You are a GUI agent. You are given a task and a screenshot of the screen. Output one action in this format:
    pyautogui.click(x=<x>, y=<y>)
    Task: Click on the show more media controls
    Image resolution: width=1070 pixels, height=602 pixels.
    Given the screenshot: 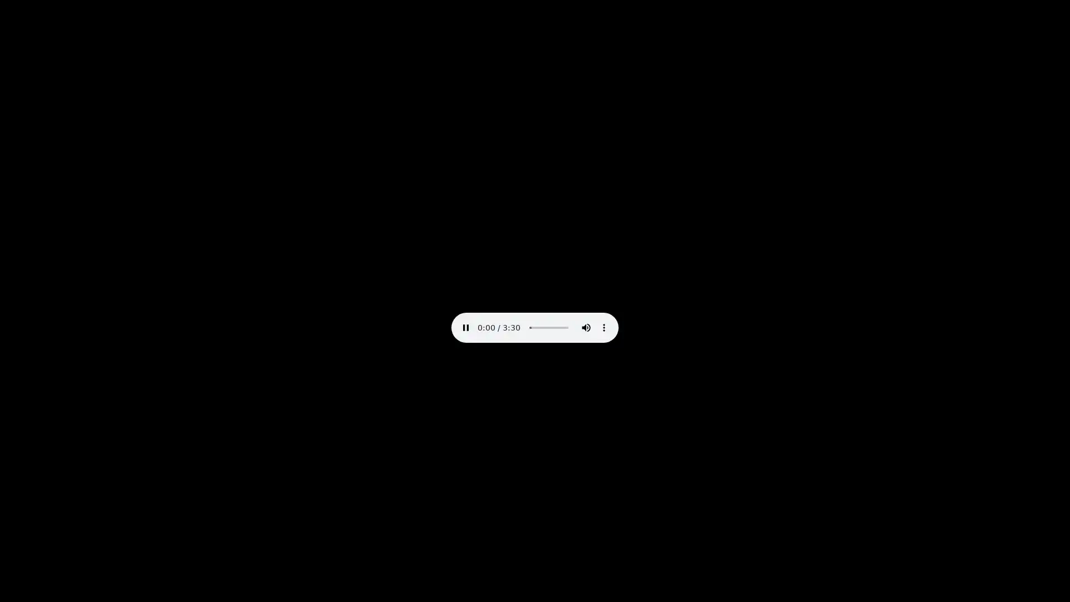 What is the action you would take?
    pyautogui.click(x=604, y=327)
    